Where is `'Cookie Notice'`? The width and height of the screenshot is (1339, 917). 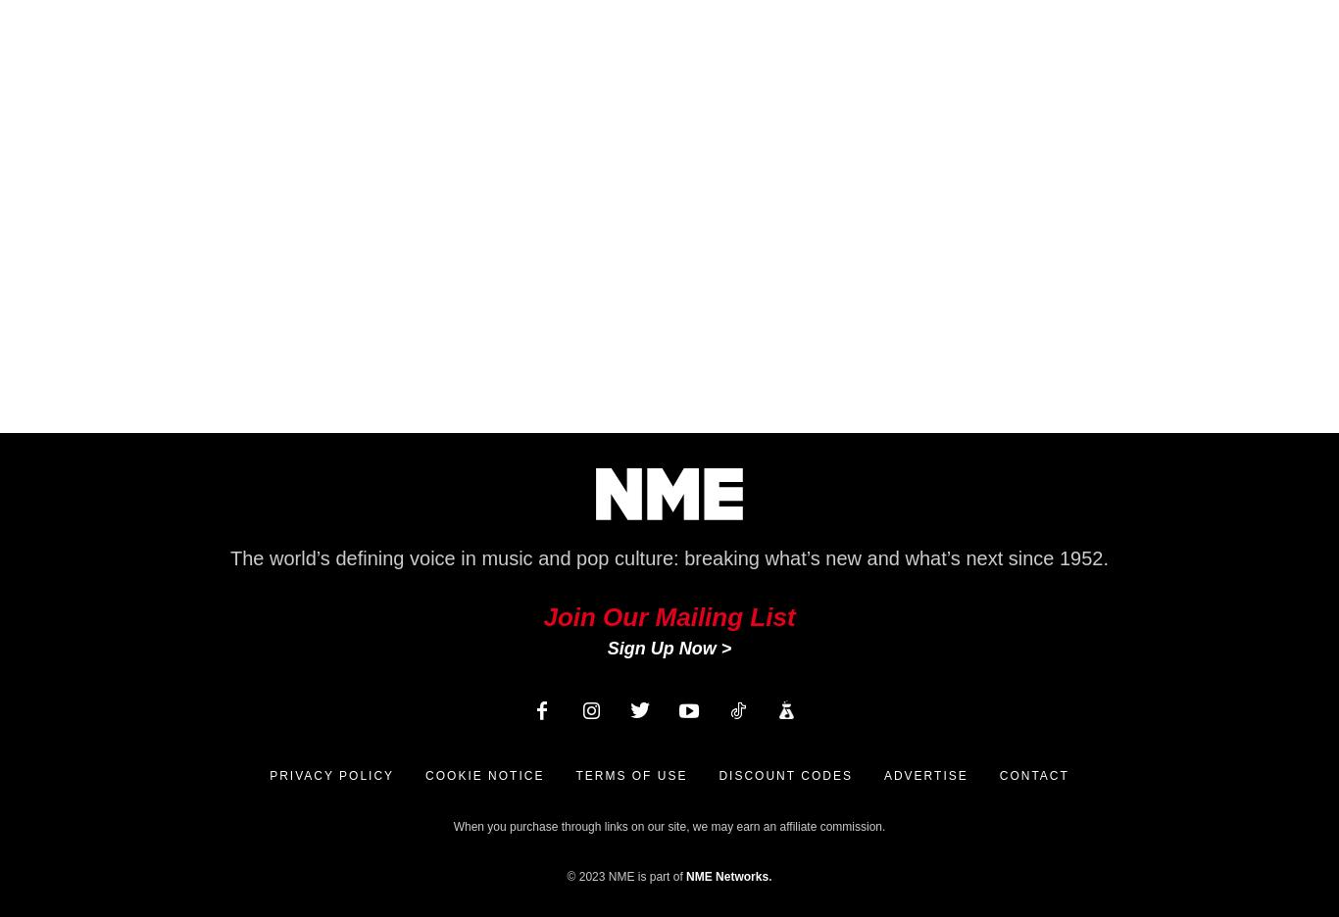 'Cookie Notice' is located at coordinates (484, 775).